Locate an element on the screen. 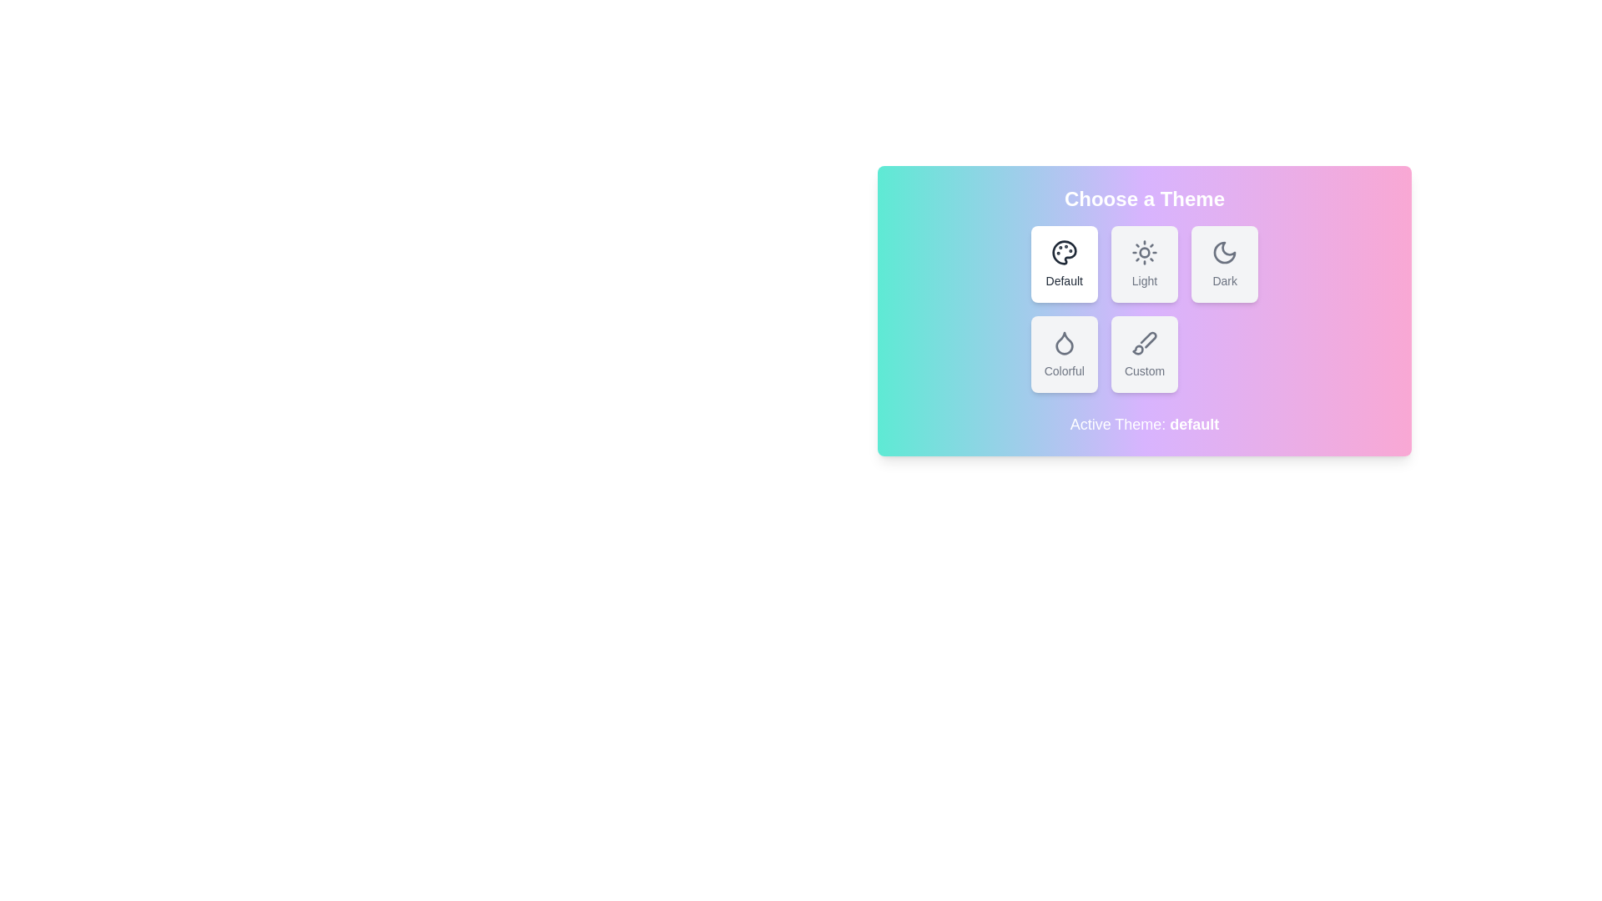 The width and height of the screenshot is (1602, 901). the theme dark by clicking the corresponding button is located at coordinates (1225, 263).